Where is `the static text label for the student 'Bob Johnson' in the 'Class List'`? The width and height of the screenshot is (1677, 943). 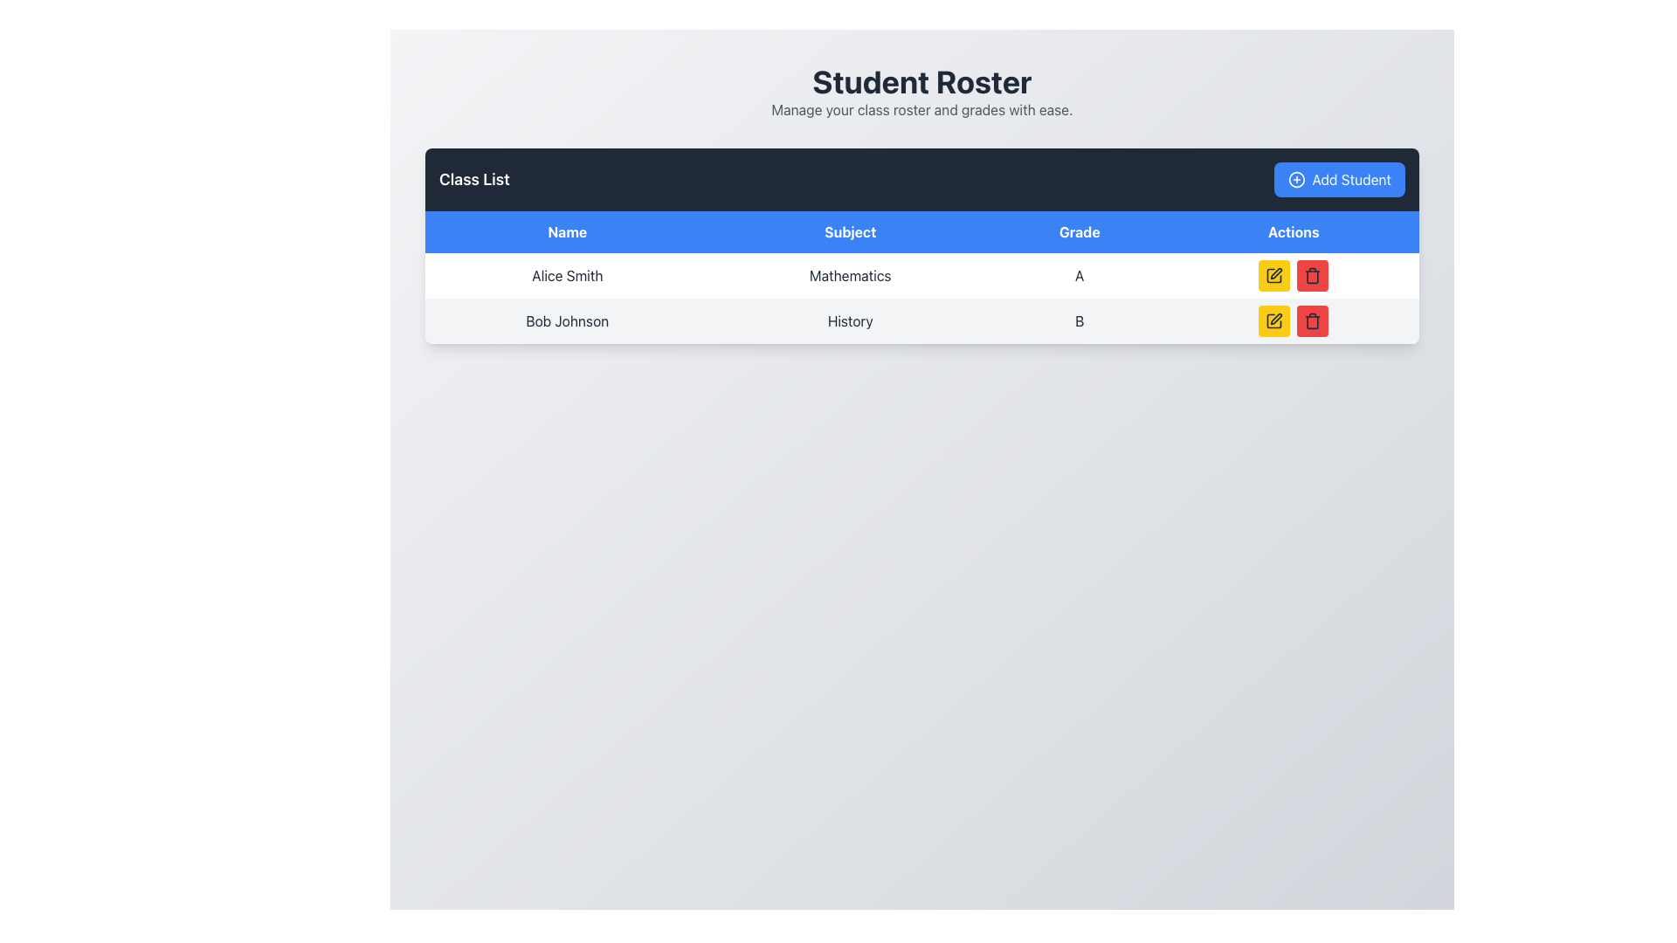 the static text label for the student 'Bob Johnson' in the 'Class List' is located at coordinates (567, 320).